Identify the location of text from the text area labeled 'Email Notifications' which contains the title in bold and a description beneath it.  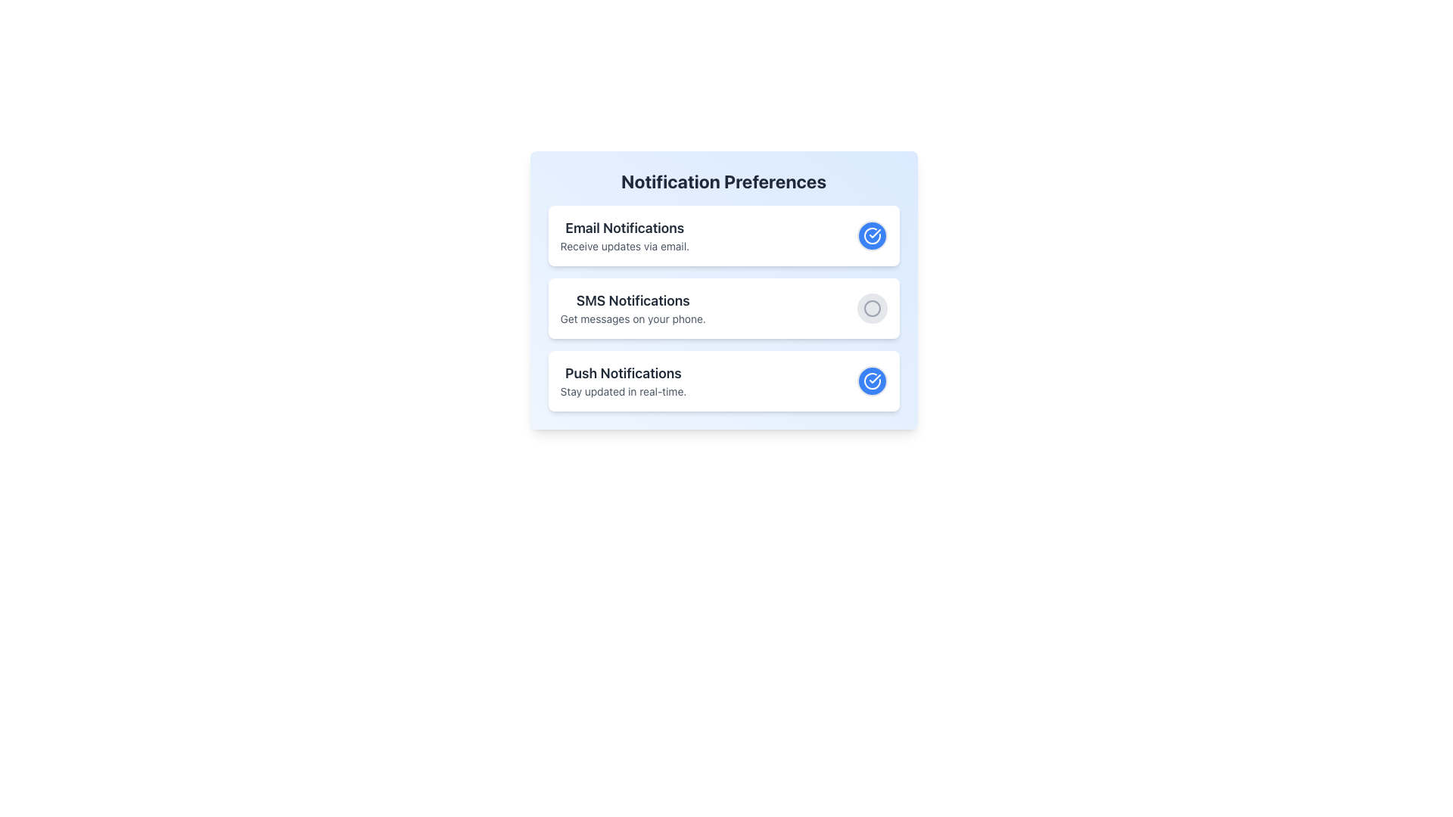
(624, 236).